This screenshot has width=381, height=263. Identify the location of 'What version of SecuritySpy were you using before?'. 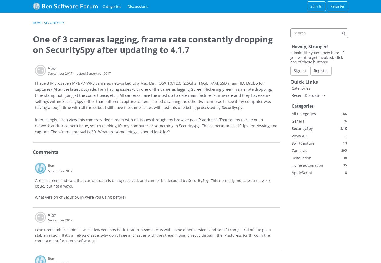
(80, 196).